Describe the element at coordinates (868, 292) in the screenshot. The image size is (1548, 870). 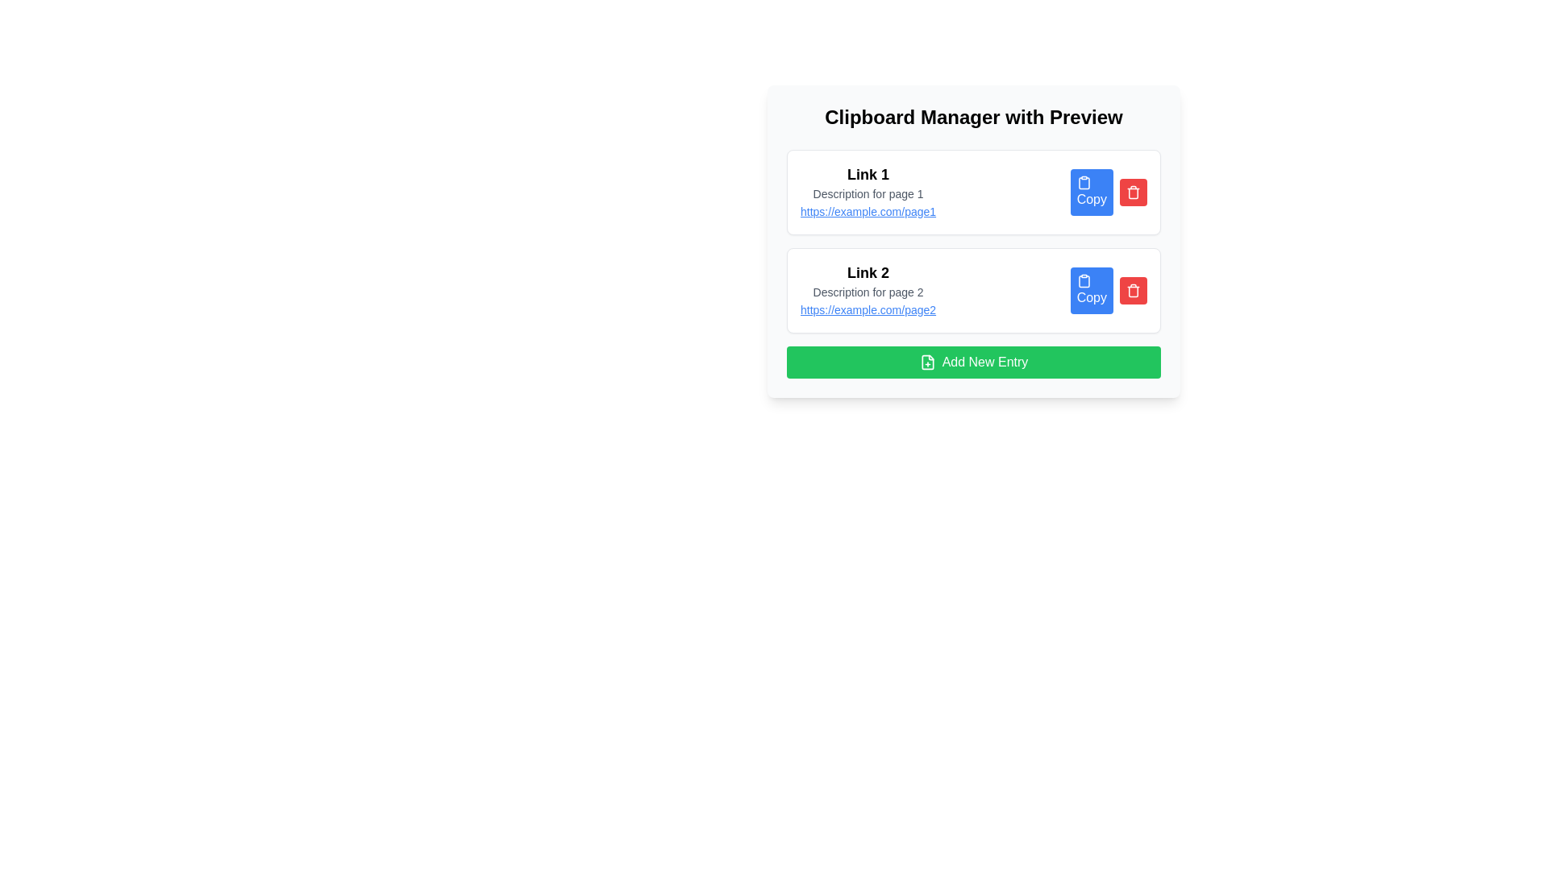
I see `the text element styled in a smaller, gray font that contains 'Description for page 2', located underneath the 'Link 2' heading and above the 'https://example.com/page2' URL` at that location.